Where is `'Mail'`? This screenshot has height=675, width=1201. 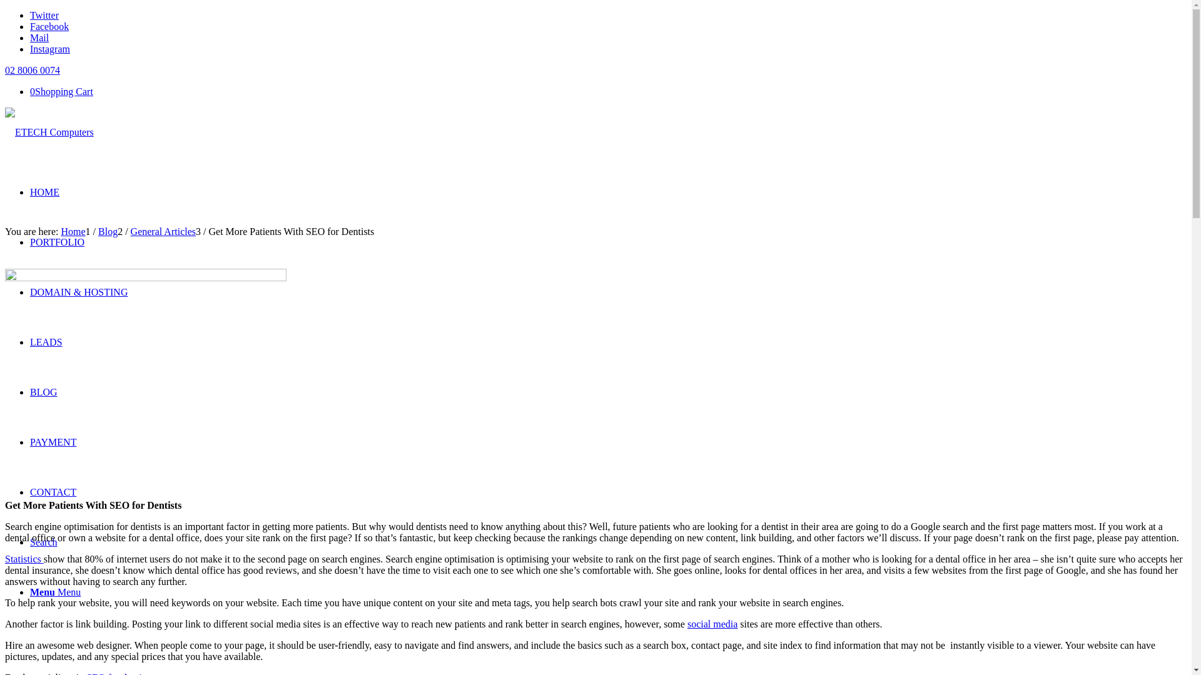
'Mail' is located at coordinates (39, 37).